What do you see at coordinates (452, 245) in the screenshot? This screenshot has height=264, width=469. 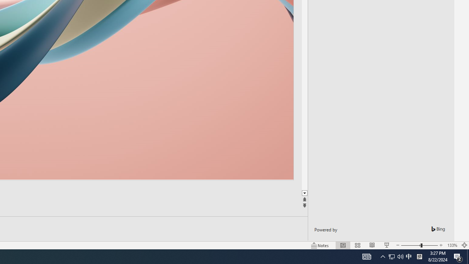 I see `'Zoom 133%'` at bounding box center [452, 245].